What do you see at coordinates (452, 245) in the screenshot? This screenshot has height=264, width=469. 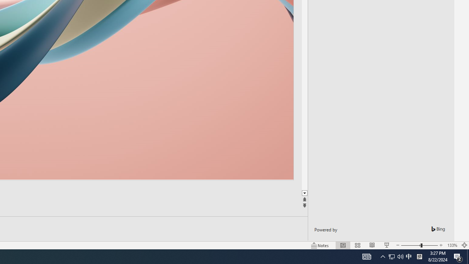 I see `'Zoom 133%'` at bounding box center [452, 245].